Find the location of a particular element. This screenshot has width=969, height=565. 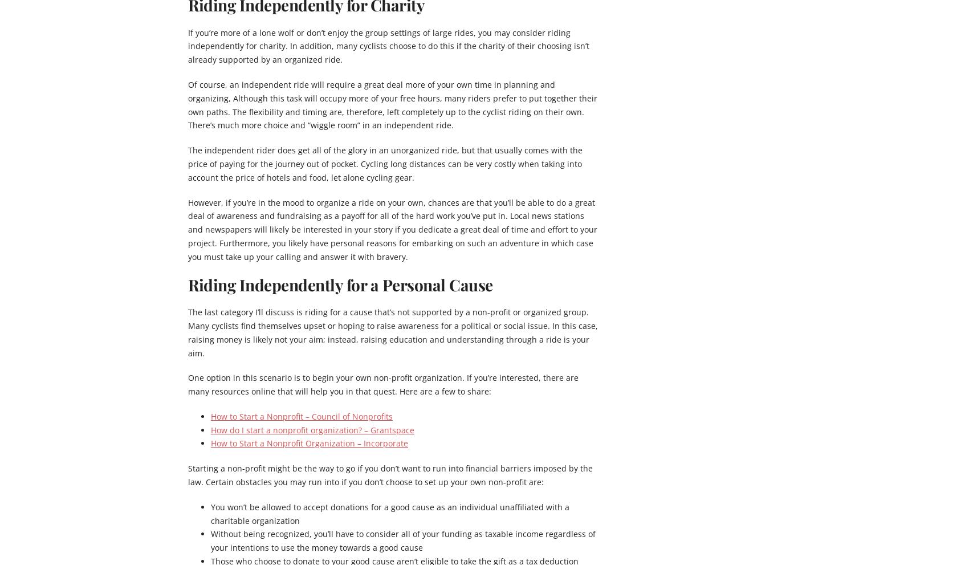

'How to Start a Nonprofit Organization – Incorporate' is located at coordinates (308, 443).